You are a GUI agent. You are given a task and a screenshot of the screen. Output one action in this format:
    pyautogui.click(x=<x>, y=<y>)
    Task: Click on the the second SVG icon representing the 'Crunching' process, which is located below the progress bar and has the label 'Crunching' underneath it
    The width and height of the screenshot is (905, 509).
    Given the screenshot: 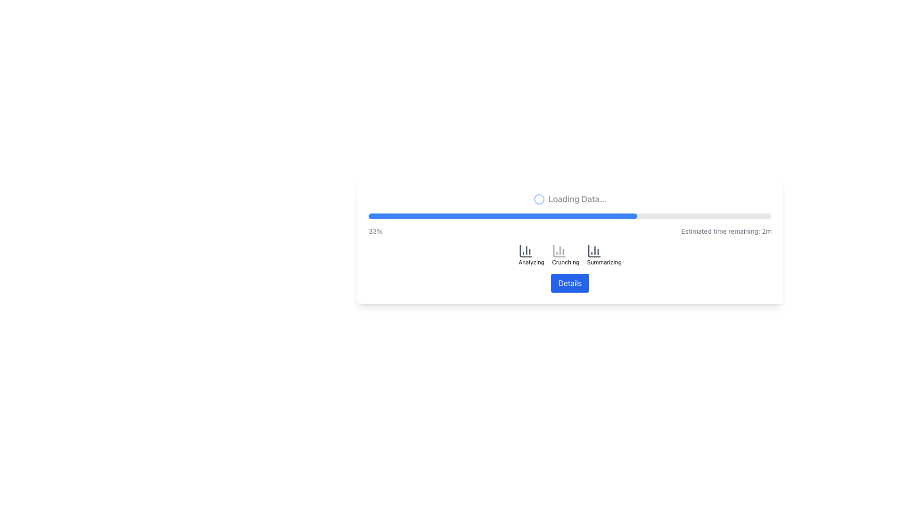 What is the action you would take?
    pyautogui.click(x=559, y=250)
    